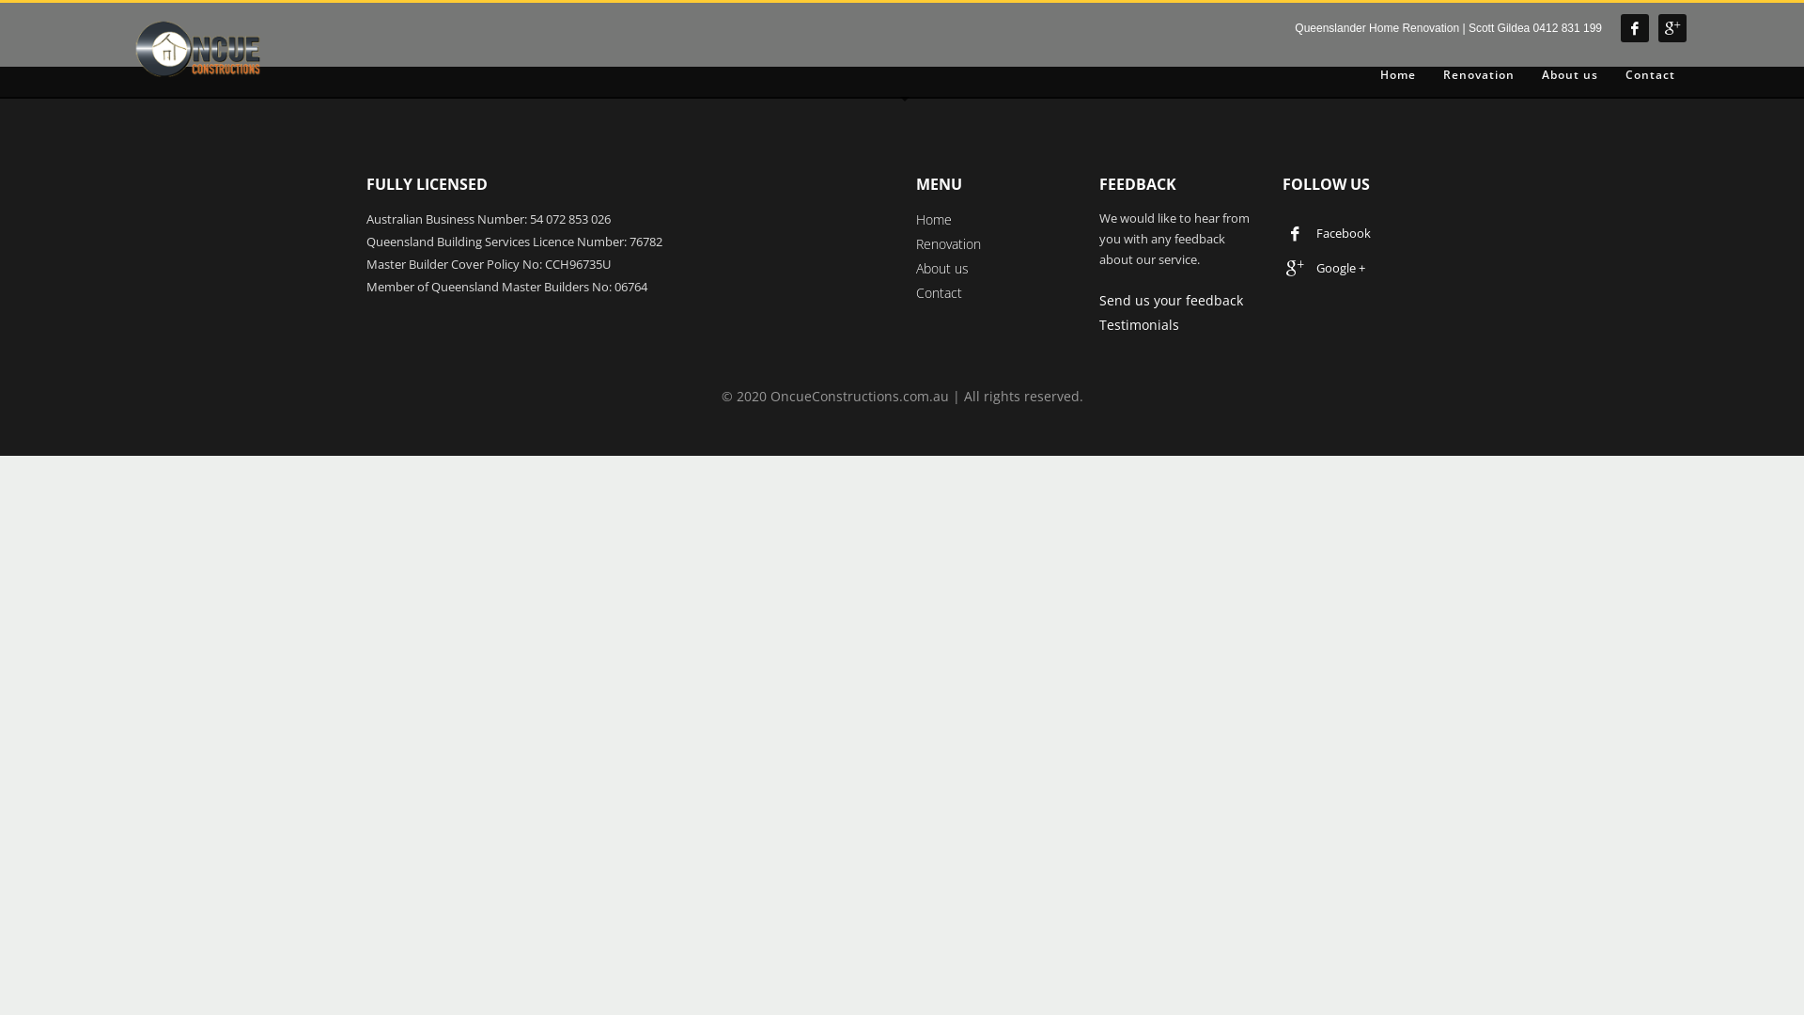  I want to click on 'Contact', so click(1613, 74).